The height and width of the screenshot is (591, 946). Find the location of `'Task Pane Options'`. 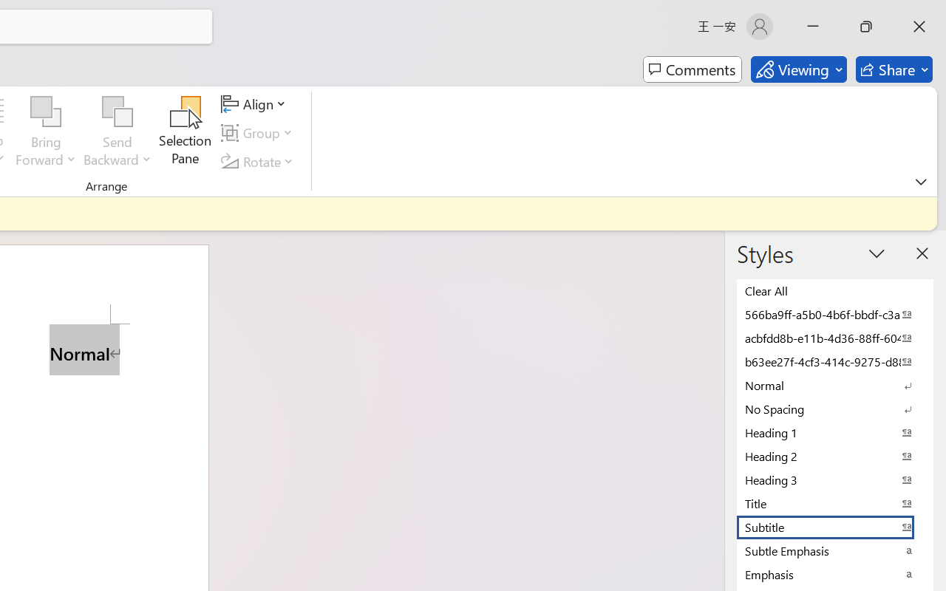

'Task Pane Options' is located at coordinates (877, 253).